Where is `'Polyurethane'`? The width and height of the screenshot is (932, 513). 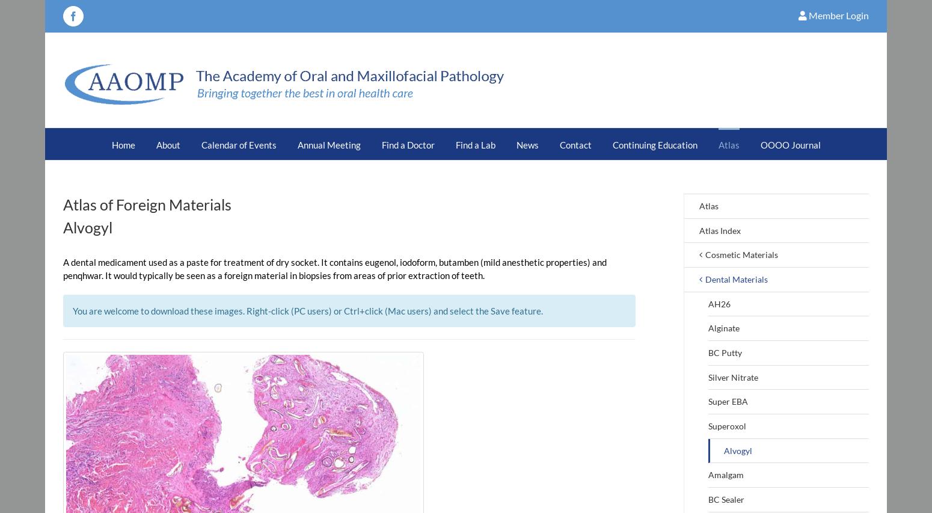
'Polyurethane' is located at coordinates (550, 295).